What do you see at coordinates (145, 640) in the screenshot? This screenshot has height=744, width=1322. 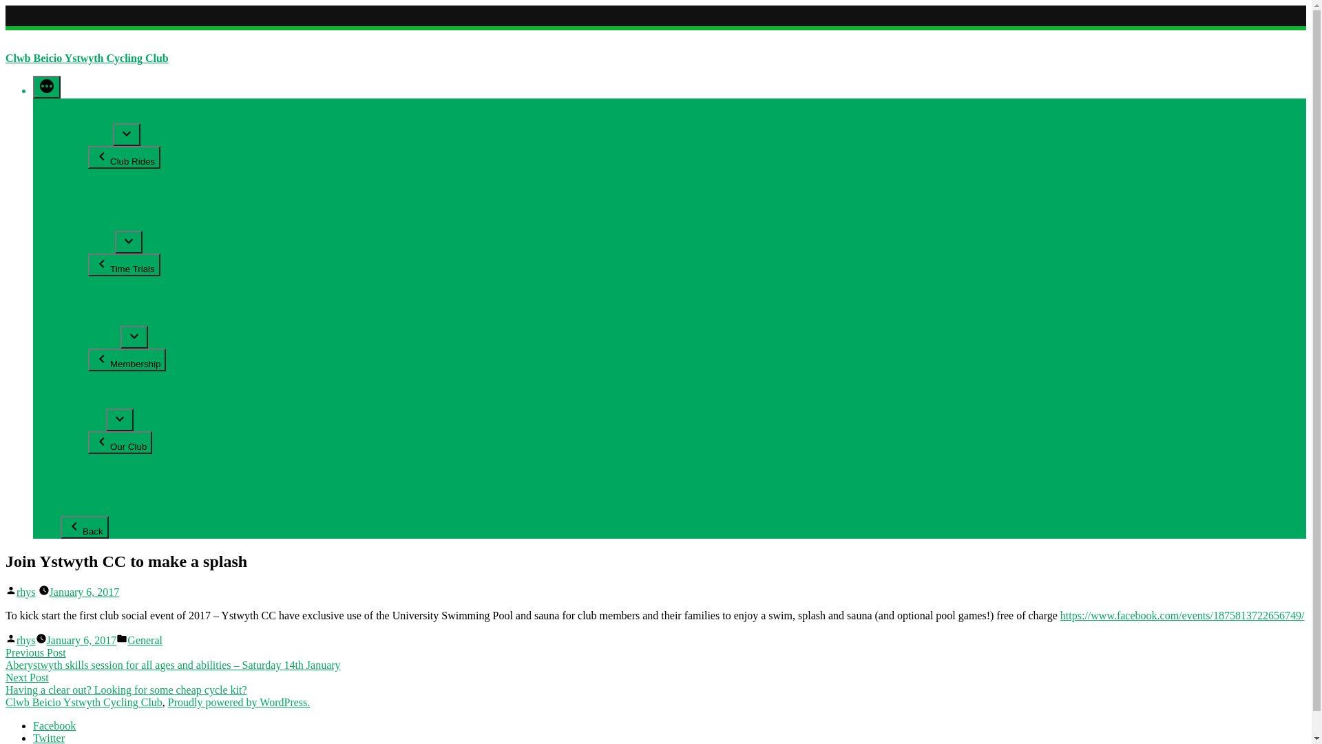 I see `'General'` at bounding box center [145, 640].